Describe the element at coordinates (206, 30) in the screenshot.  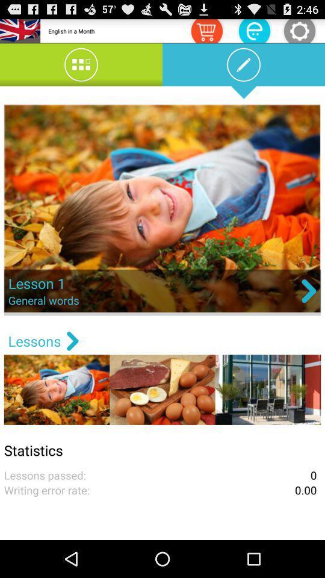
I see `talvez seja somente um problema` at that location.